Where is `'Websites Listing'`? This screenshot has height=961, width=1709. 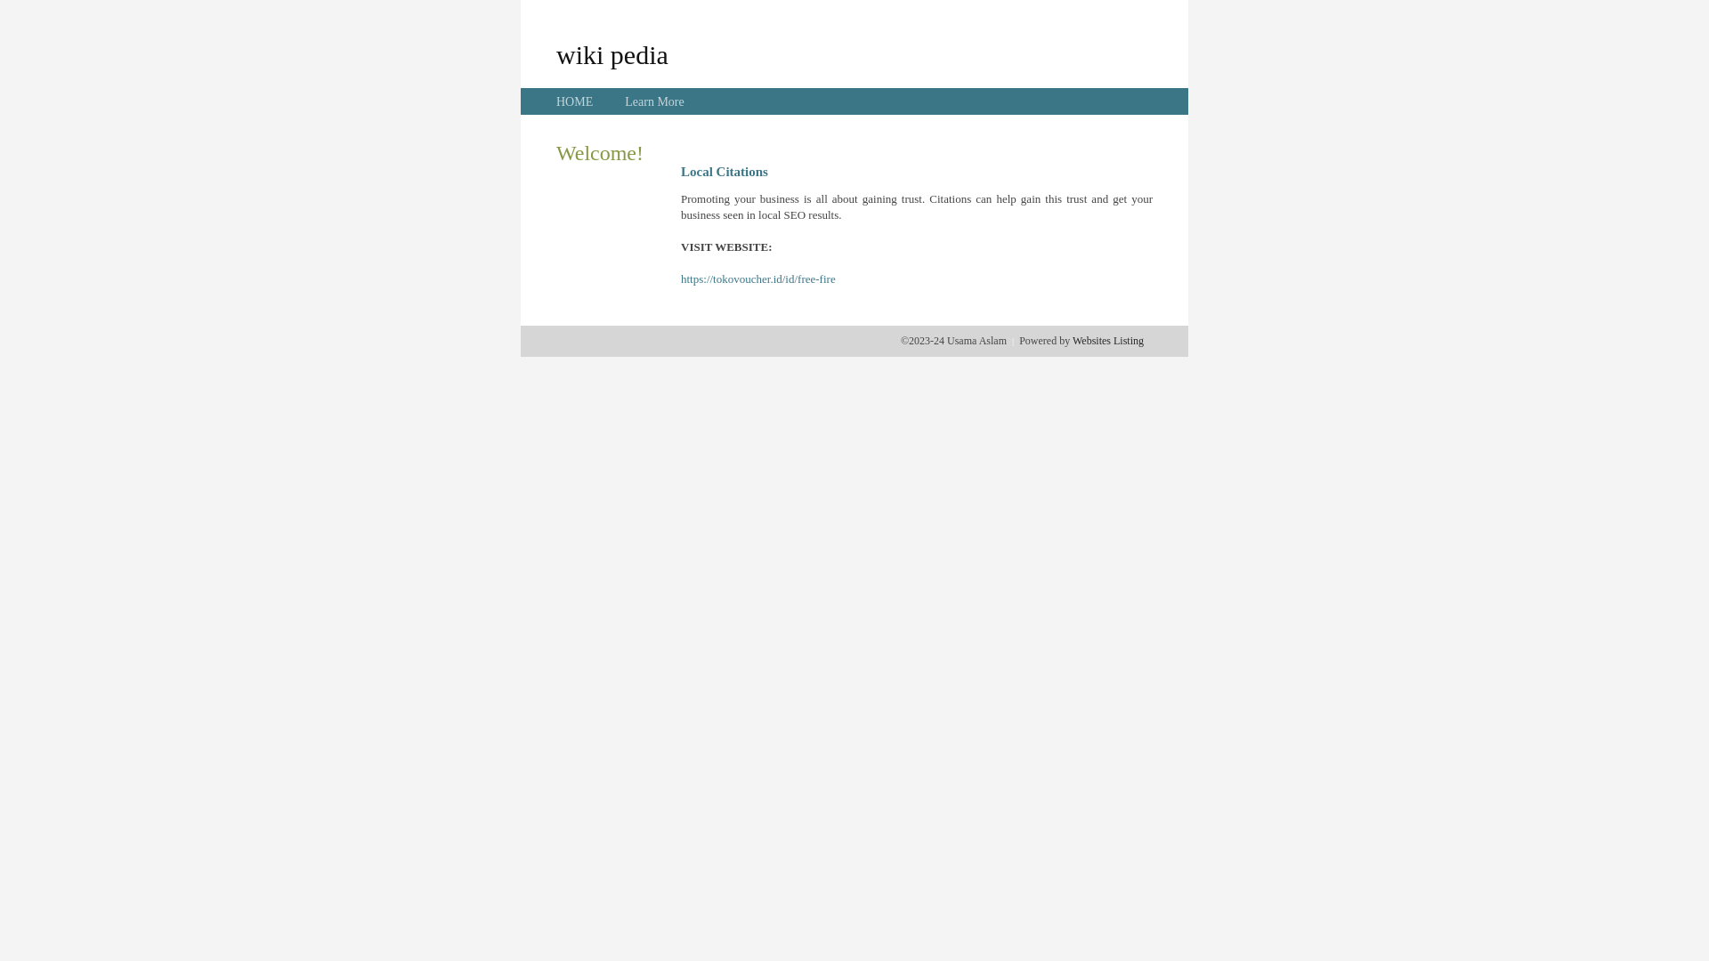 'Websites Listing' is located at coordinates (1106, 340).